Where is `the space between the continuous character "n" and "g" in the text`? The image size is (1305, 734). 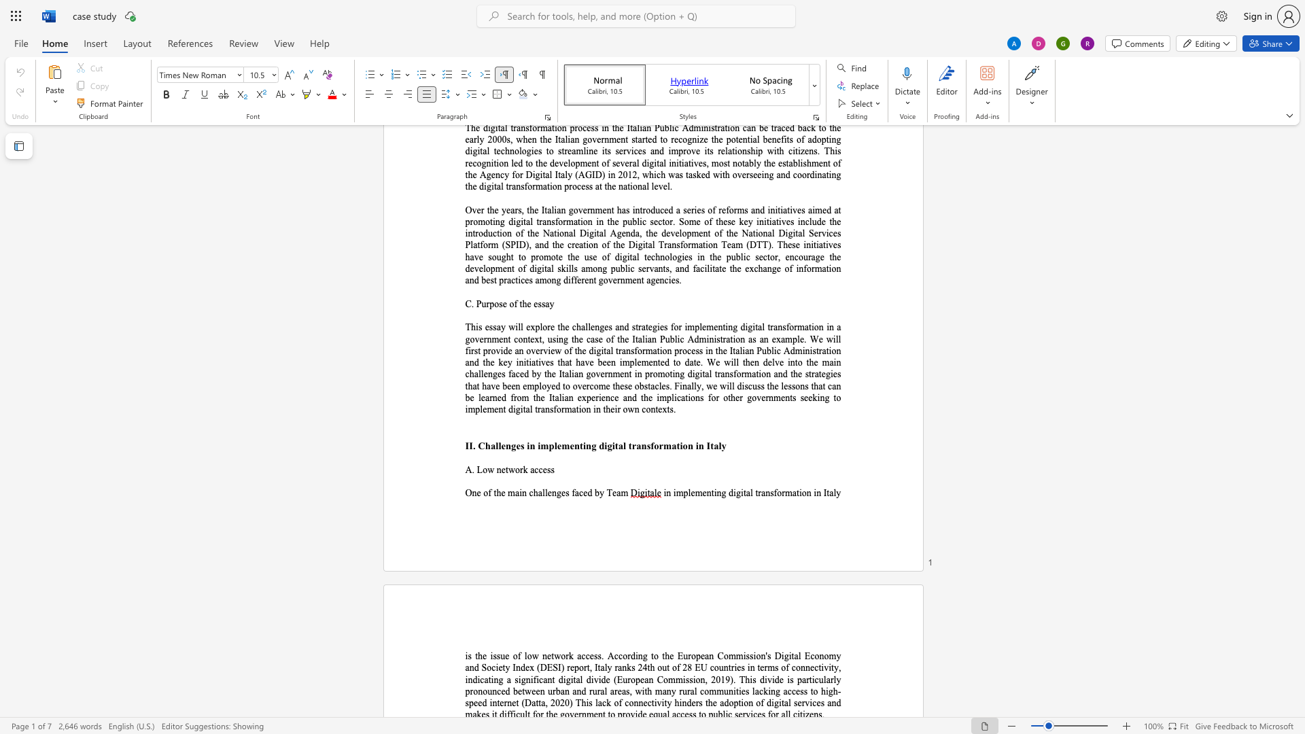 the space between the continuous character "n" and "g" in the text is located at coordinates (498, 680).